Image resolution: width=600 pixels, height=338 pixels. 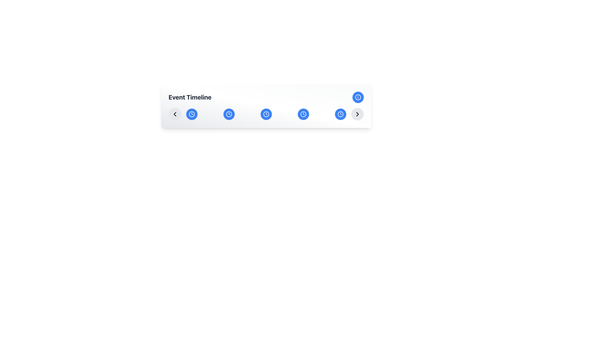 I want to click on the decorative information icon located, so click(x=358, y=97).